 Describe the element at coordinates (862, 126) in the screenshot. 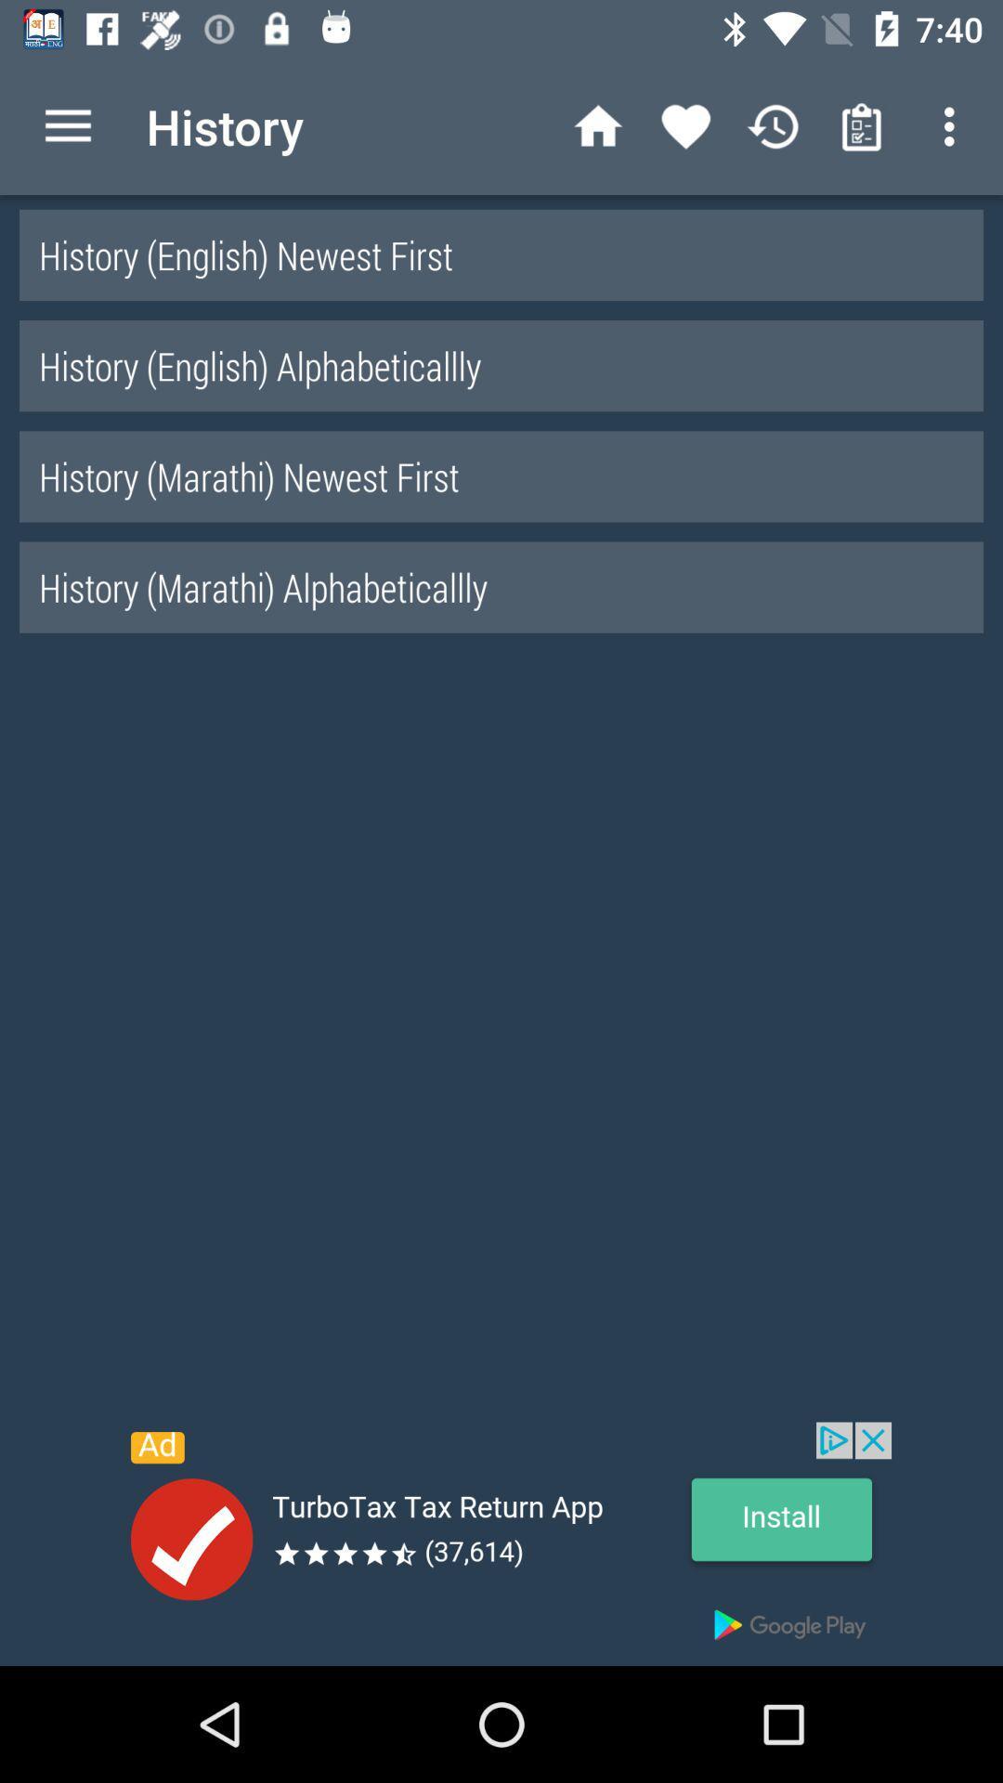

I see `the icon left to the 3 vertical dots at the top right corner of the web page` at that location.